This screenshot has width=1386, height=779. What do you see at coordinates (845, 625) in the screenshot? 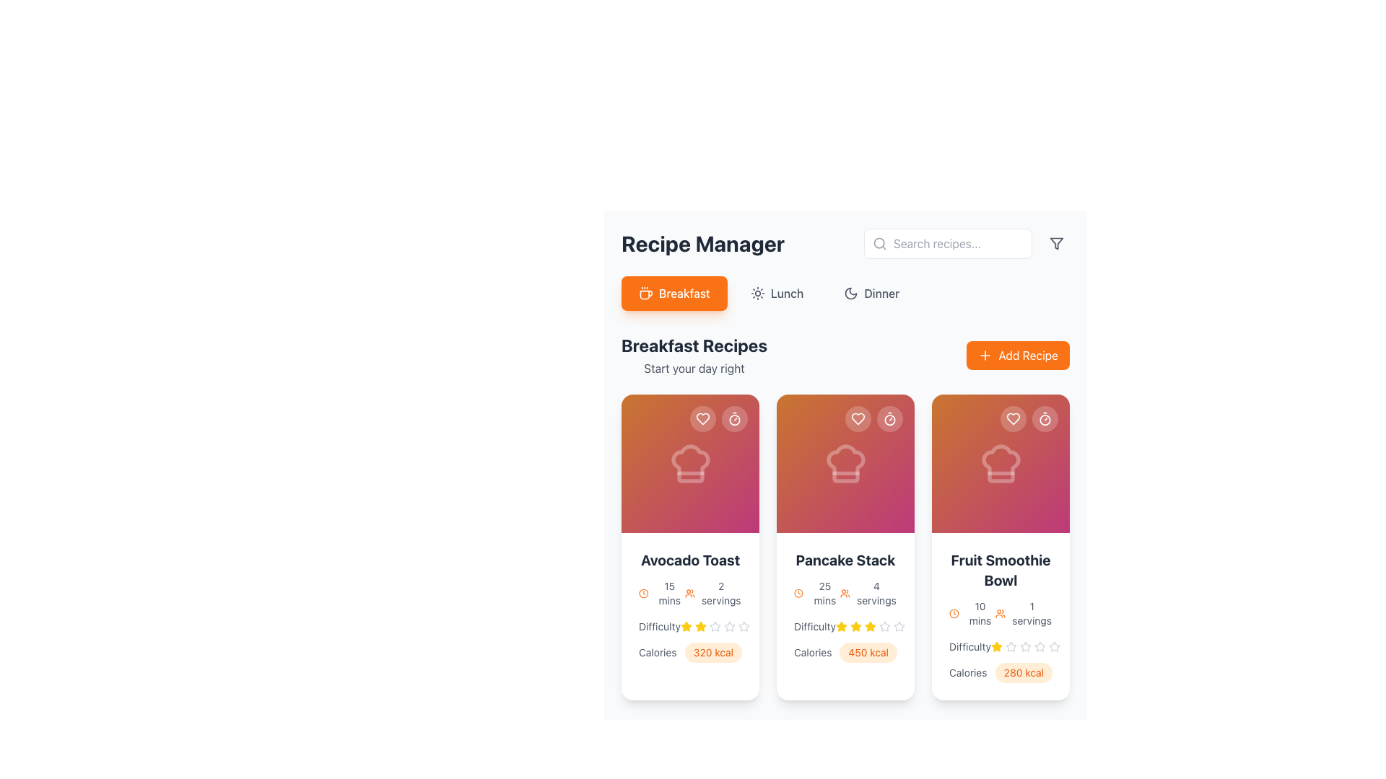
I see `the second star icon in the difficulty rating system for the 'Pancake Stack' recipe card` at bounding box center [845, 625].